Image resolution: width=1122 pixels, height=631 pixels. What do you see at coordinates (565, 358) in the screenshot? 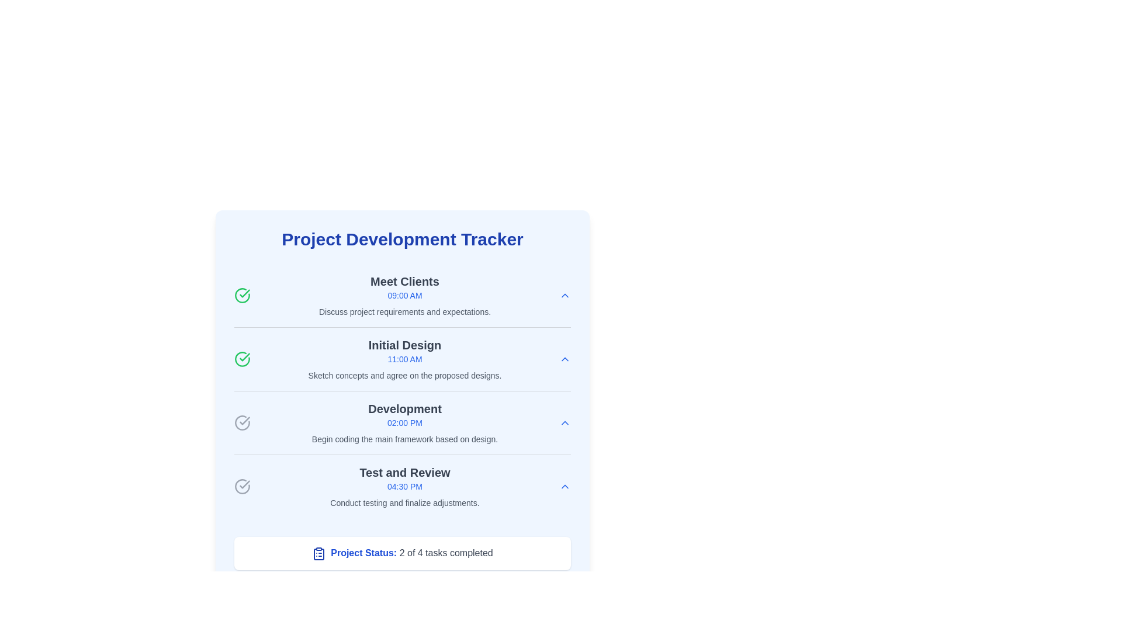
I see `the interactive button` at bounding box center [565, 358].